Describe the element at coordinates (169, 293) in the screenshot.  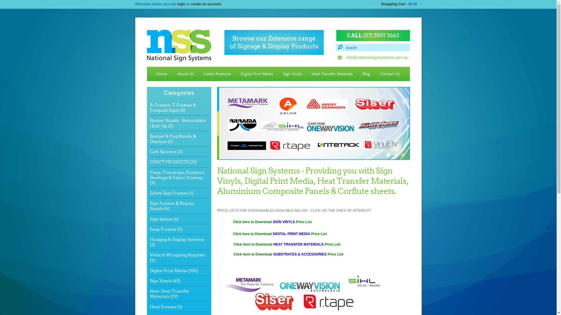
I see `'Siser Heat Transfer Materials (29)'` at that location.